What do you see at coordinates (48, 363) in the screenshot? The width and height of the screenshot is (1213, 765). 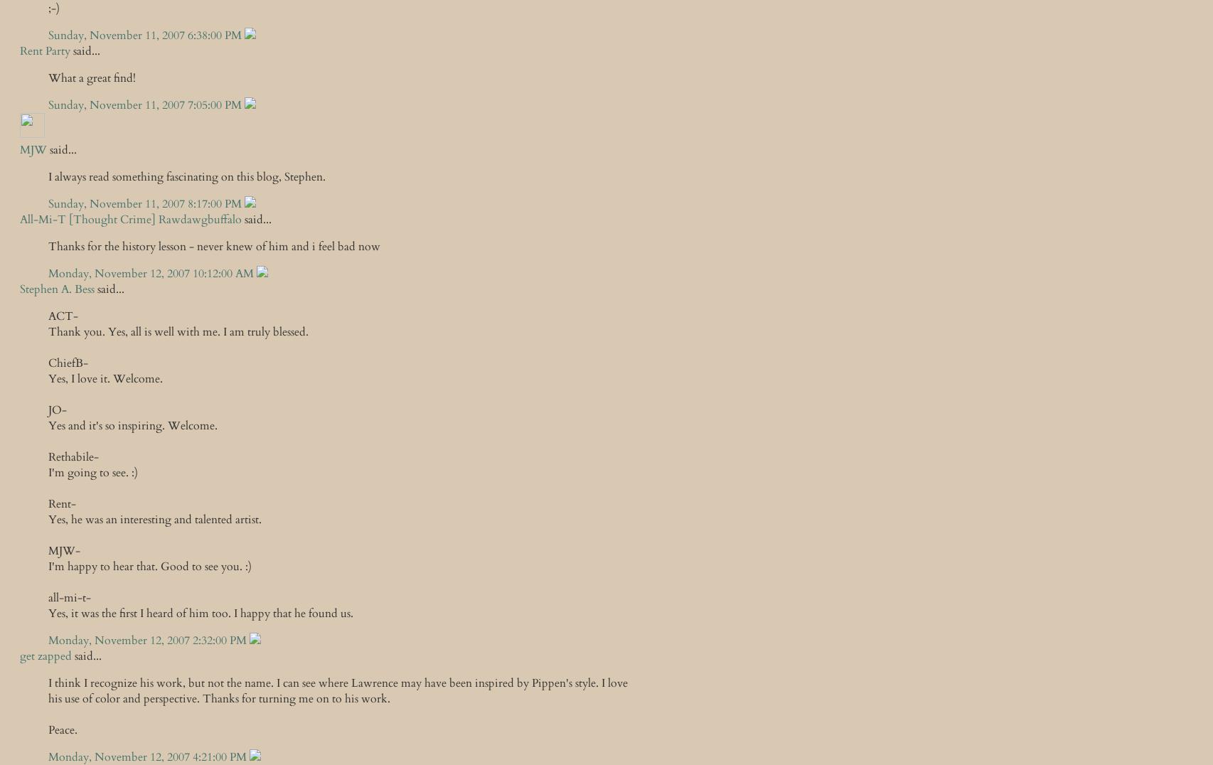 I see `'ChiefB-'` at bounding box center [48, 363].